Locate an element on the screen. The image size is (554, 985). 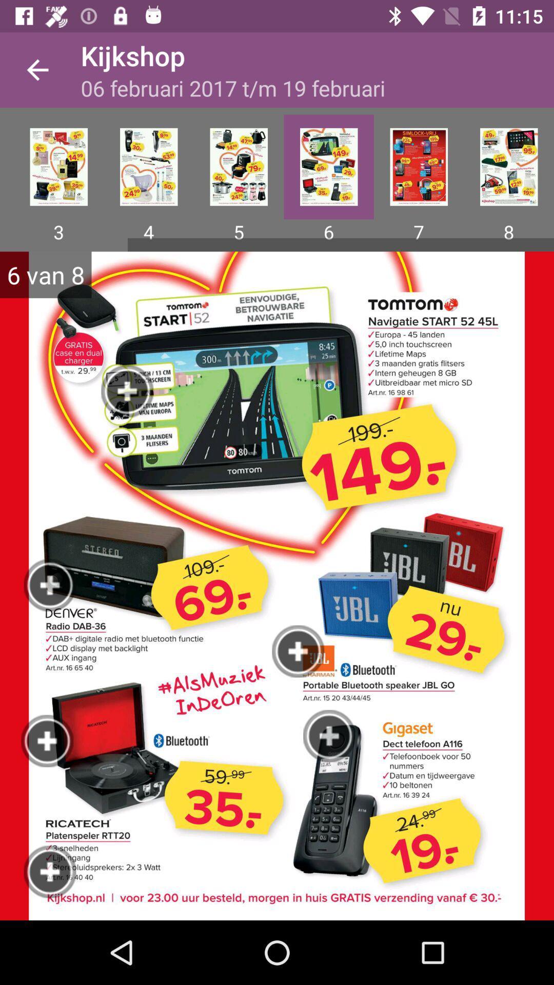
the fullscreen icon is located at coordinates (58, 167).